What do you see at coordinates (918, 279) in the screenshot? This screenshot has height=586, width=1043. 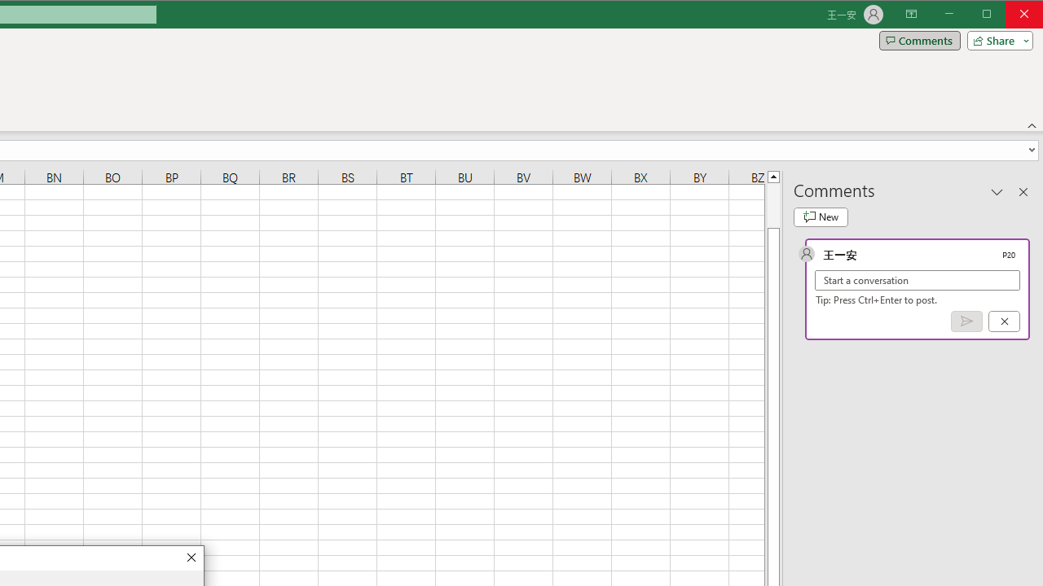 I see `'Start a conversation'` at bounding box center [918, 279].